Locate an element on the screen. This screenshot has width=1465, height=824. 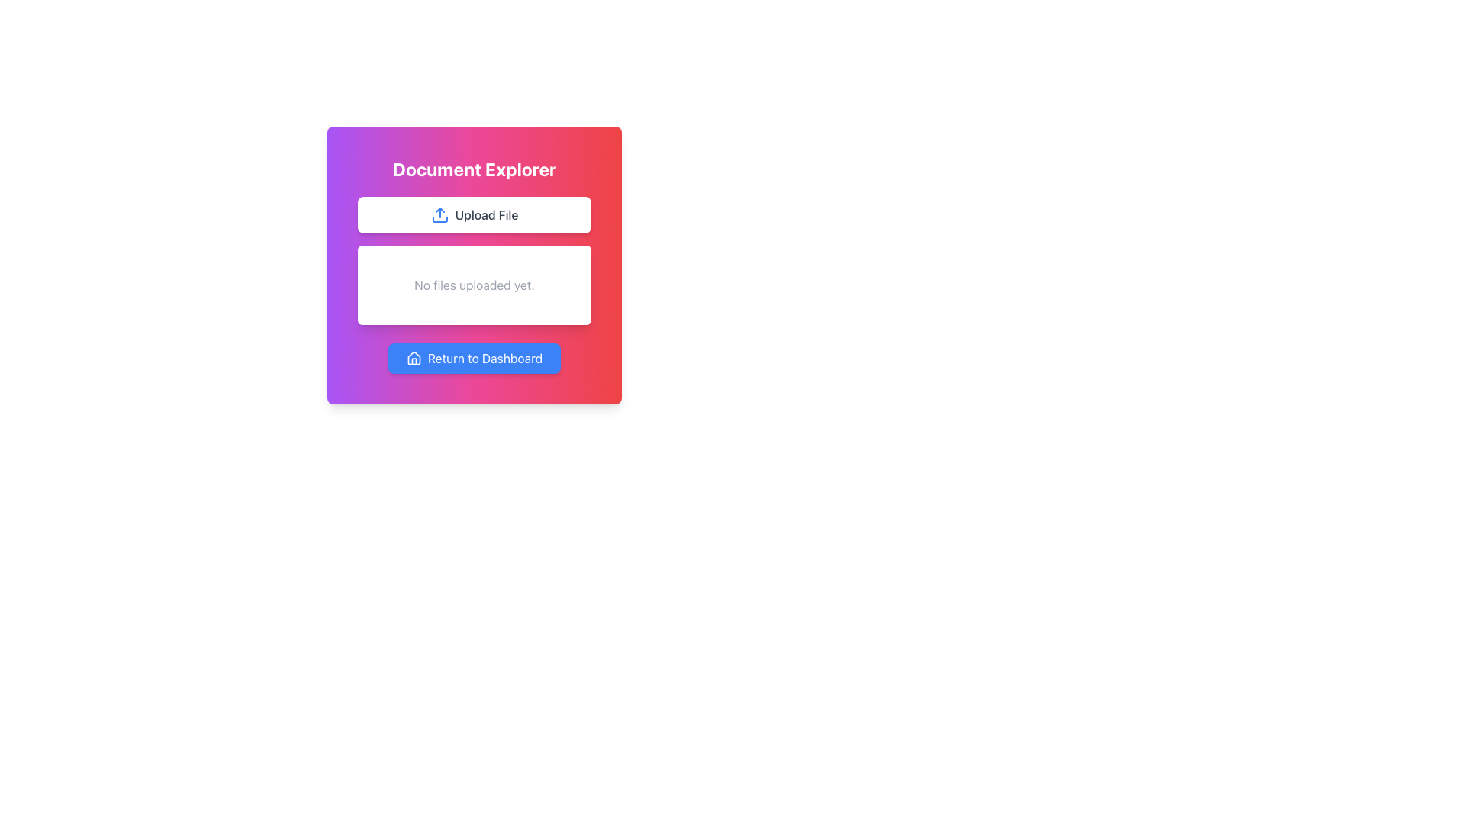
the interactive button labeled 'Return to Dashboard' which has a light-blue background and a house-shaped icon on the left side of the text is located at coordinates (474, 359).